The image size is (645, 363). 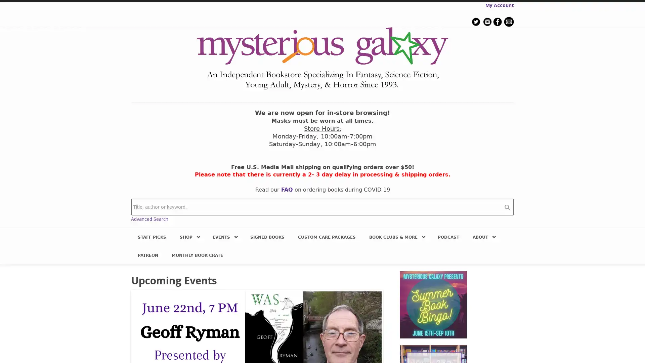 I want to click on search, so click(x=507, y=207).